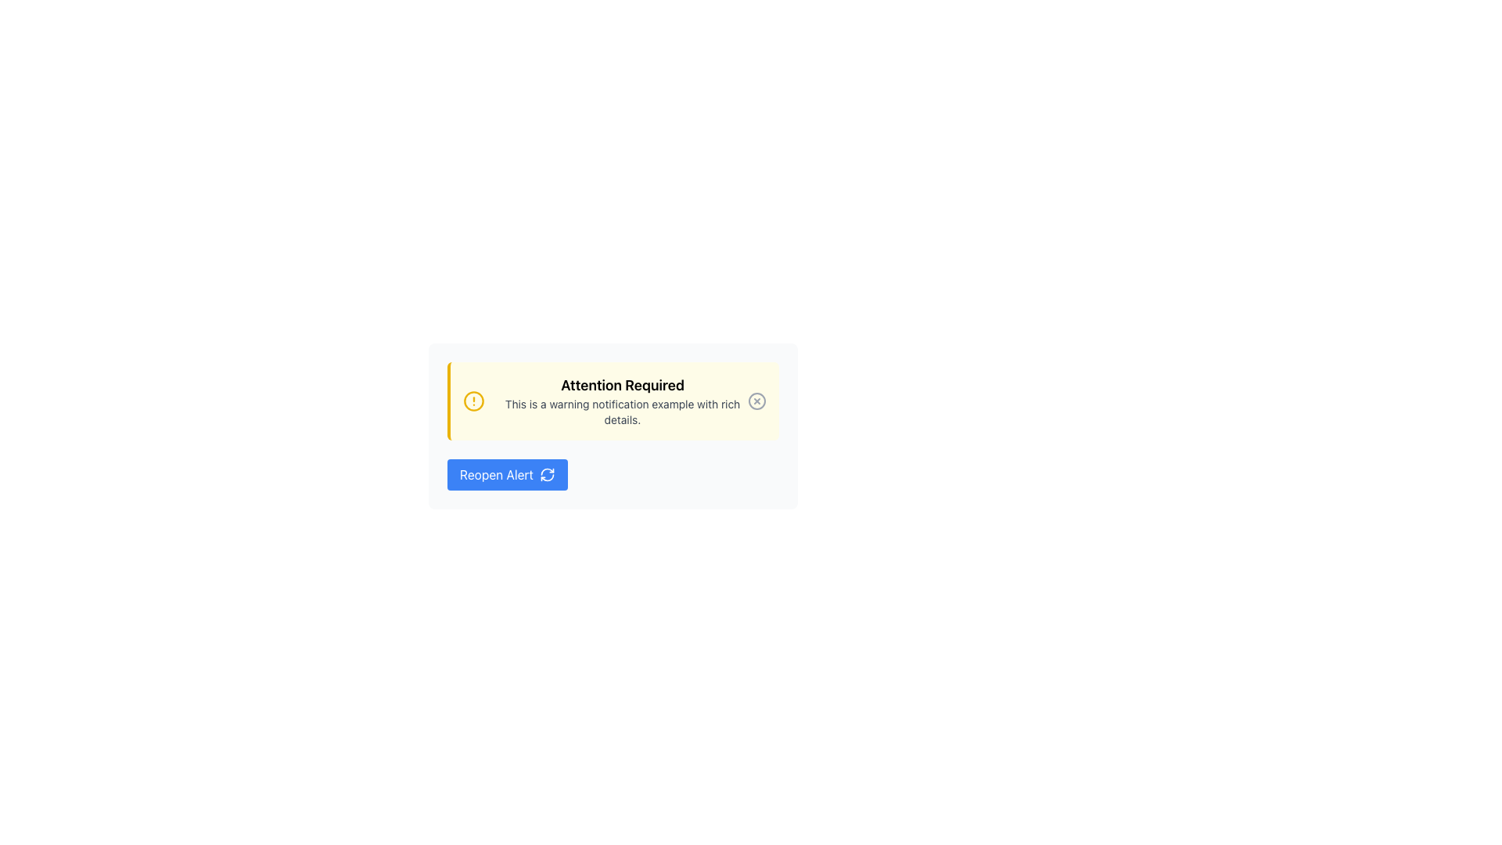 Image resolution: width=1502 pixels, height=845 pixels. I want to click on text of the static label that serves as the title of the warning notification box, positioned above the detailed message within the notification card, so click(622, 386).